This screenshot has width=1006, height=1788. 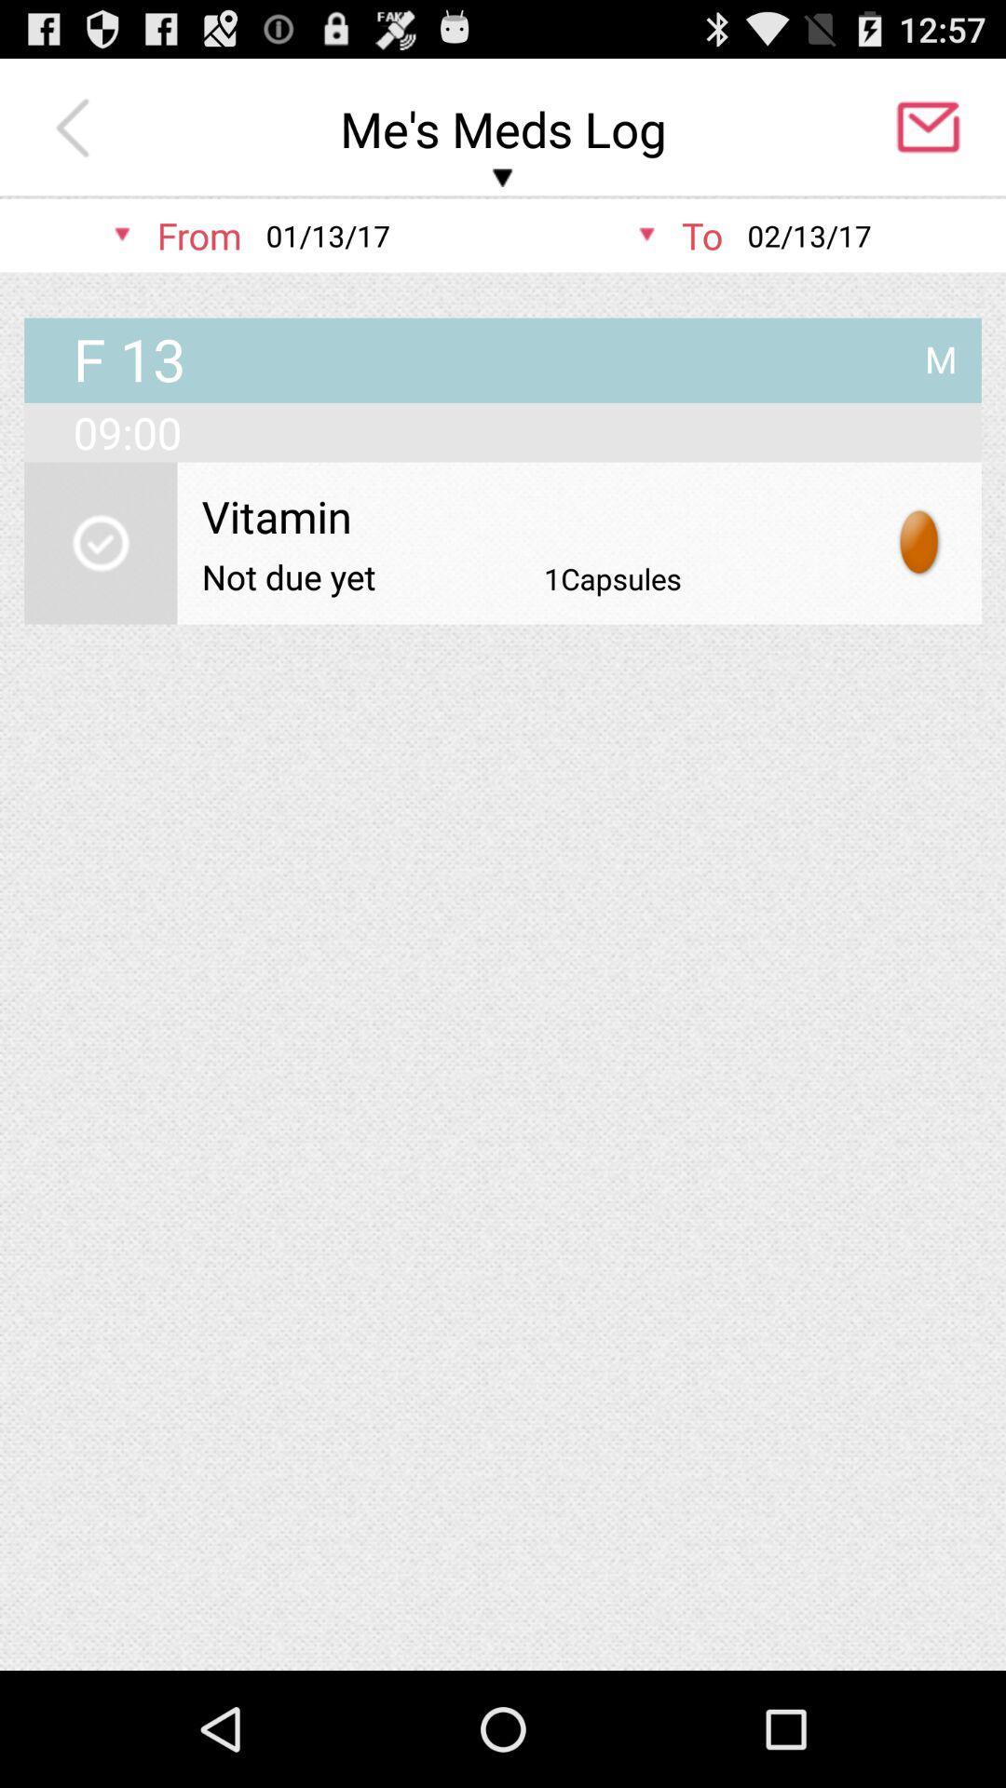 What do you see at coordinates (129, 361) in the screenshot?
I see `the item next to the m icon` at bounding box center [129, 361].